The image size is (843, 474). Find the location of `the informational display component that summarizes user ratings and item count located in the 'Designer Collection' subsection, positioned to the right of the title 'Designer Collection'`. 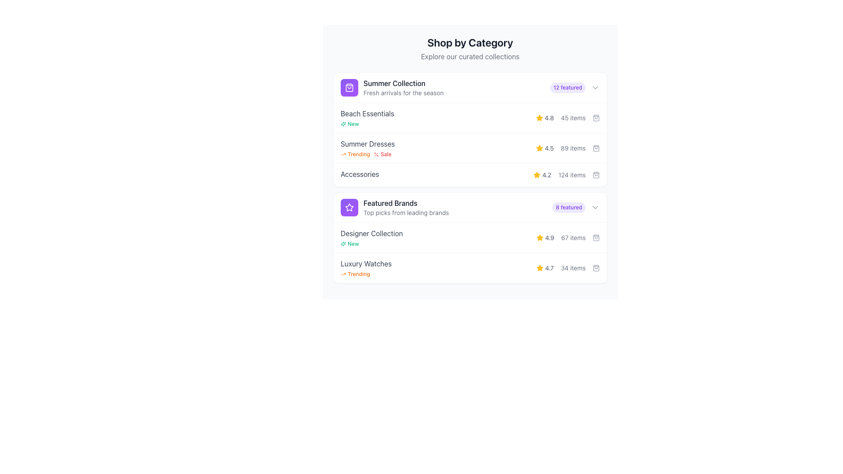

the informational display component that summarizes user ratings and item count located in the 'Designer Collection' subsection, positioned to the right of the title 'Designer Collection' is located at coordinates (568, 238).